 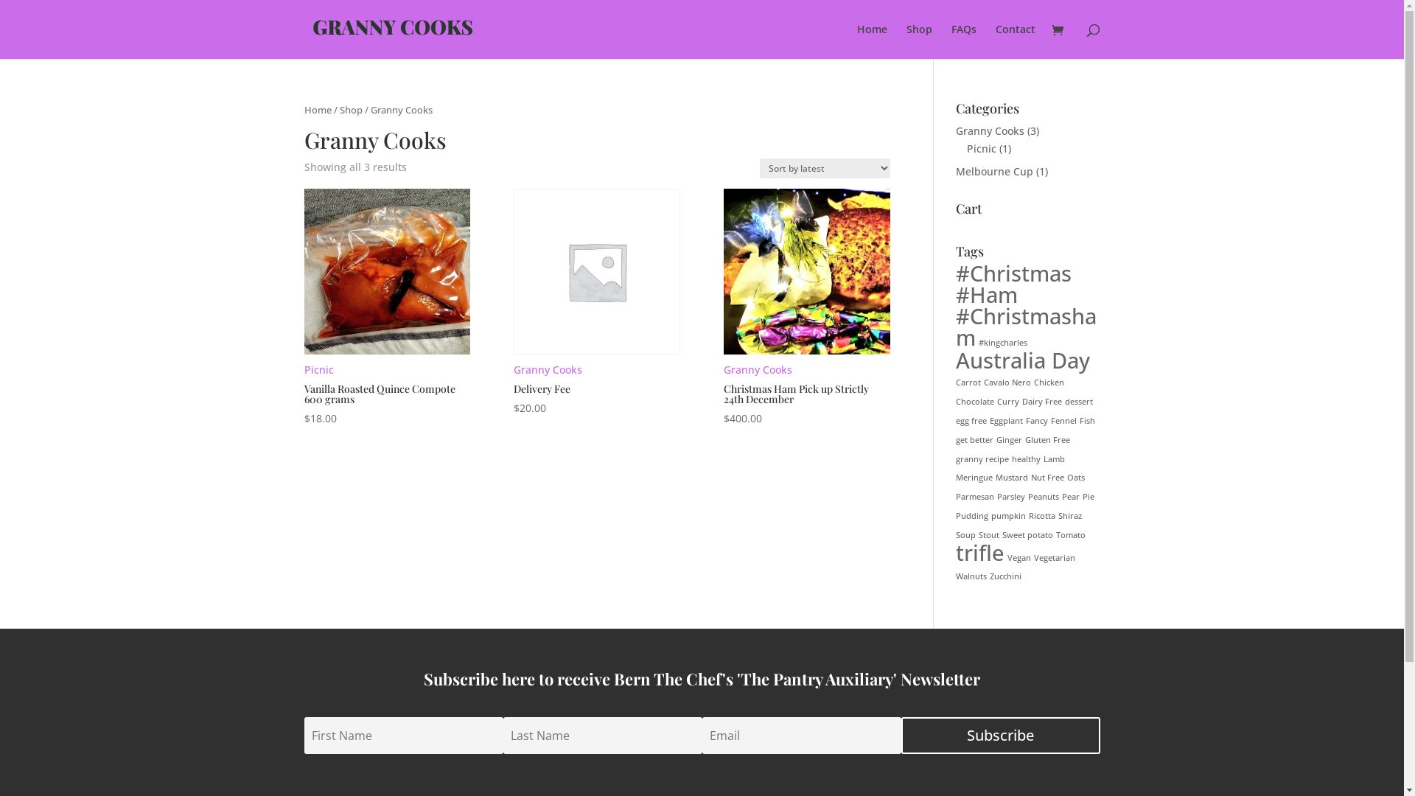 I want to click on 'Zucchini', so click(x=990, y=576).